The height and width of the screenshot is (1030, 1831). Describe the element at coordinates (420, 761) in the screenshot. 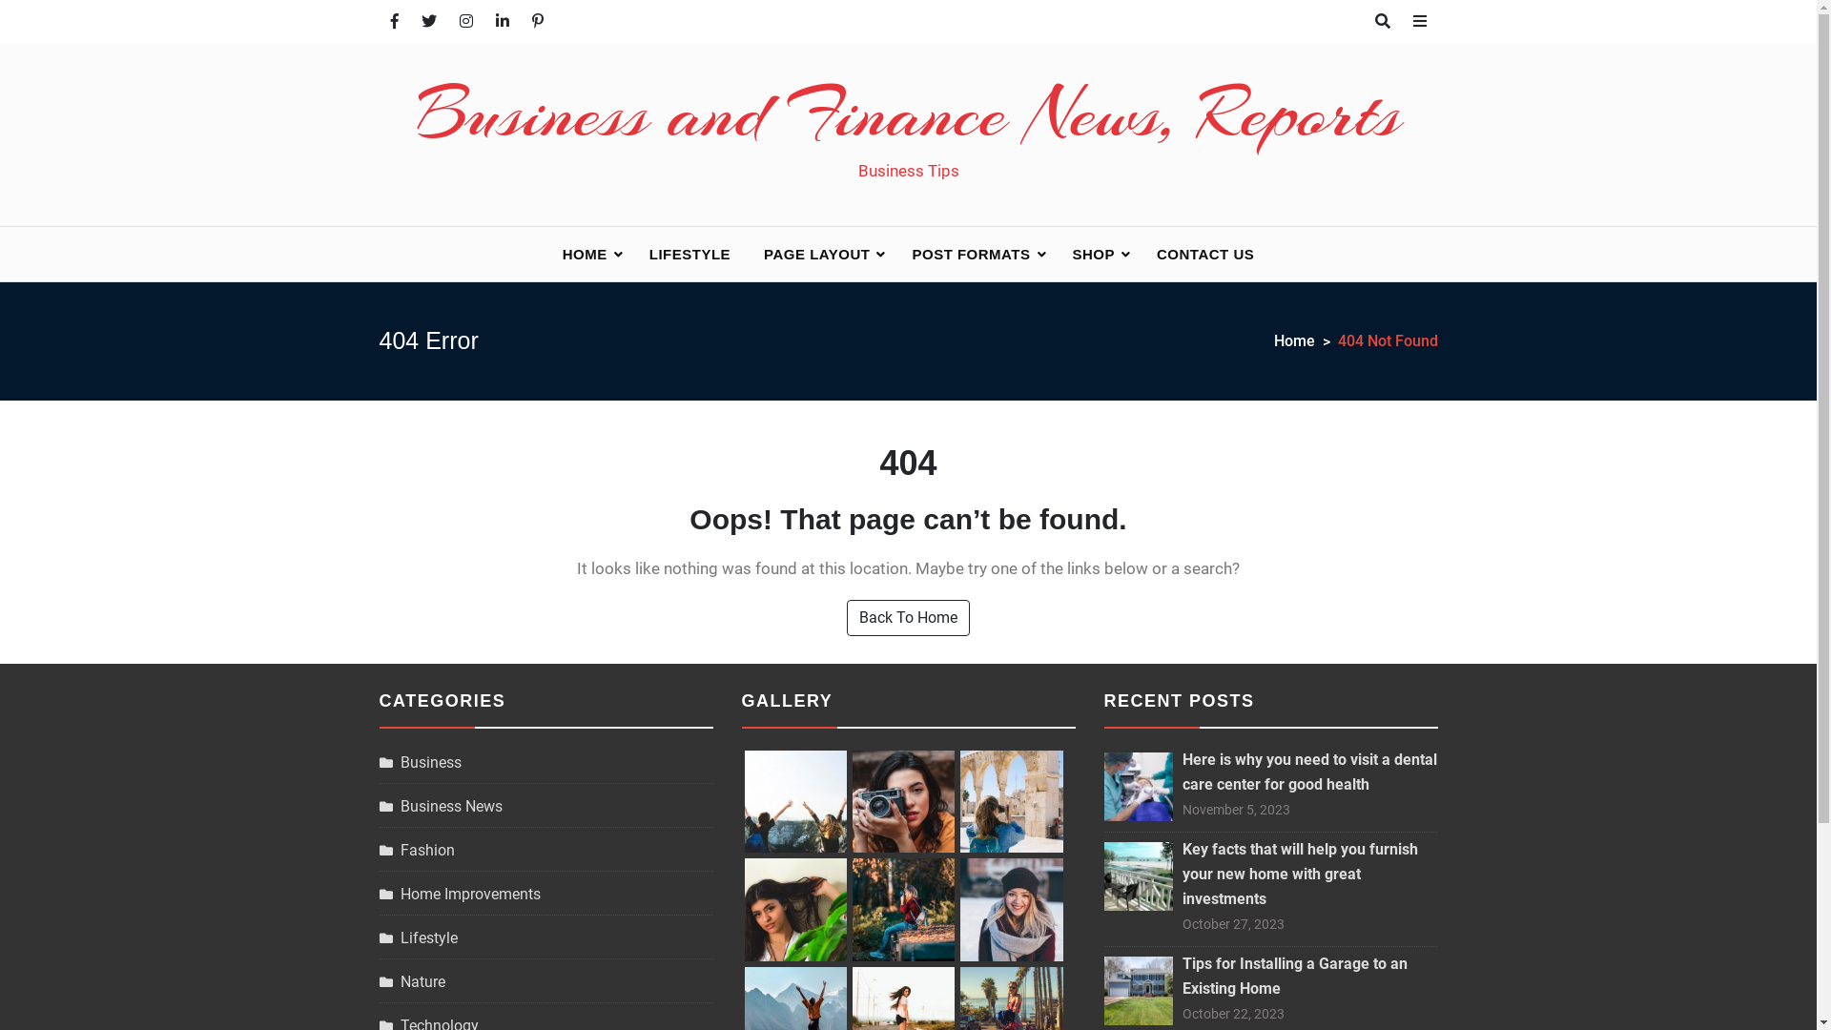

I see `'Business'` at that location.